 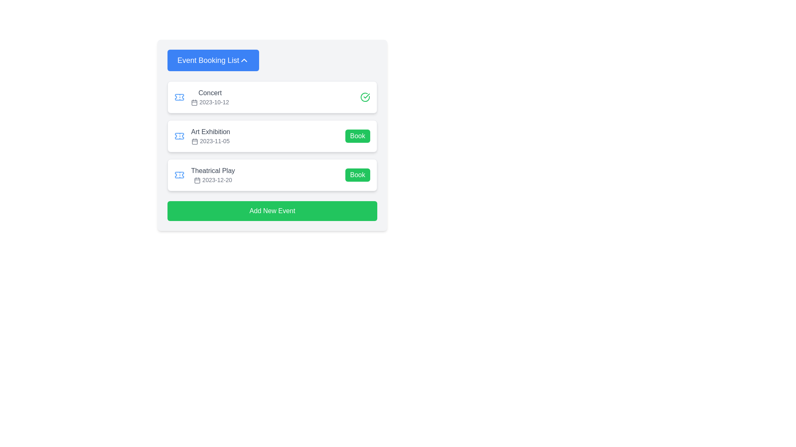 I want to click on the interactive components adjacent to the Text Label that serves as a title or heading for the section, positioned at the top-left corner of the card or panel, so click(x=208, y=60).